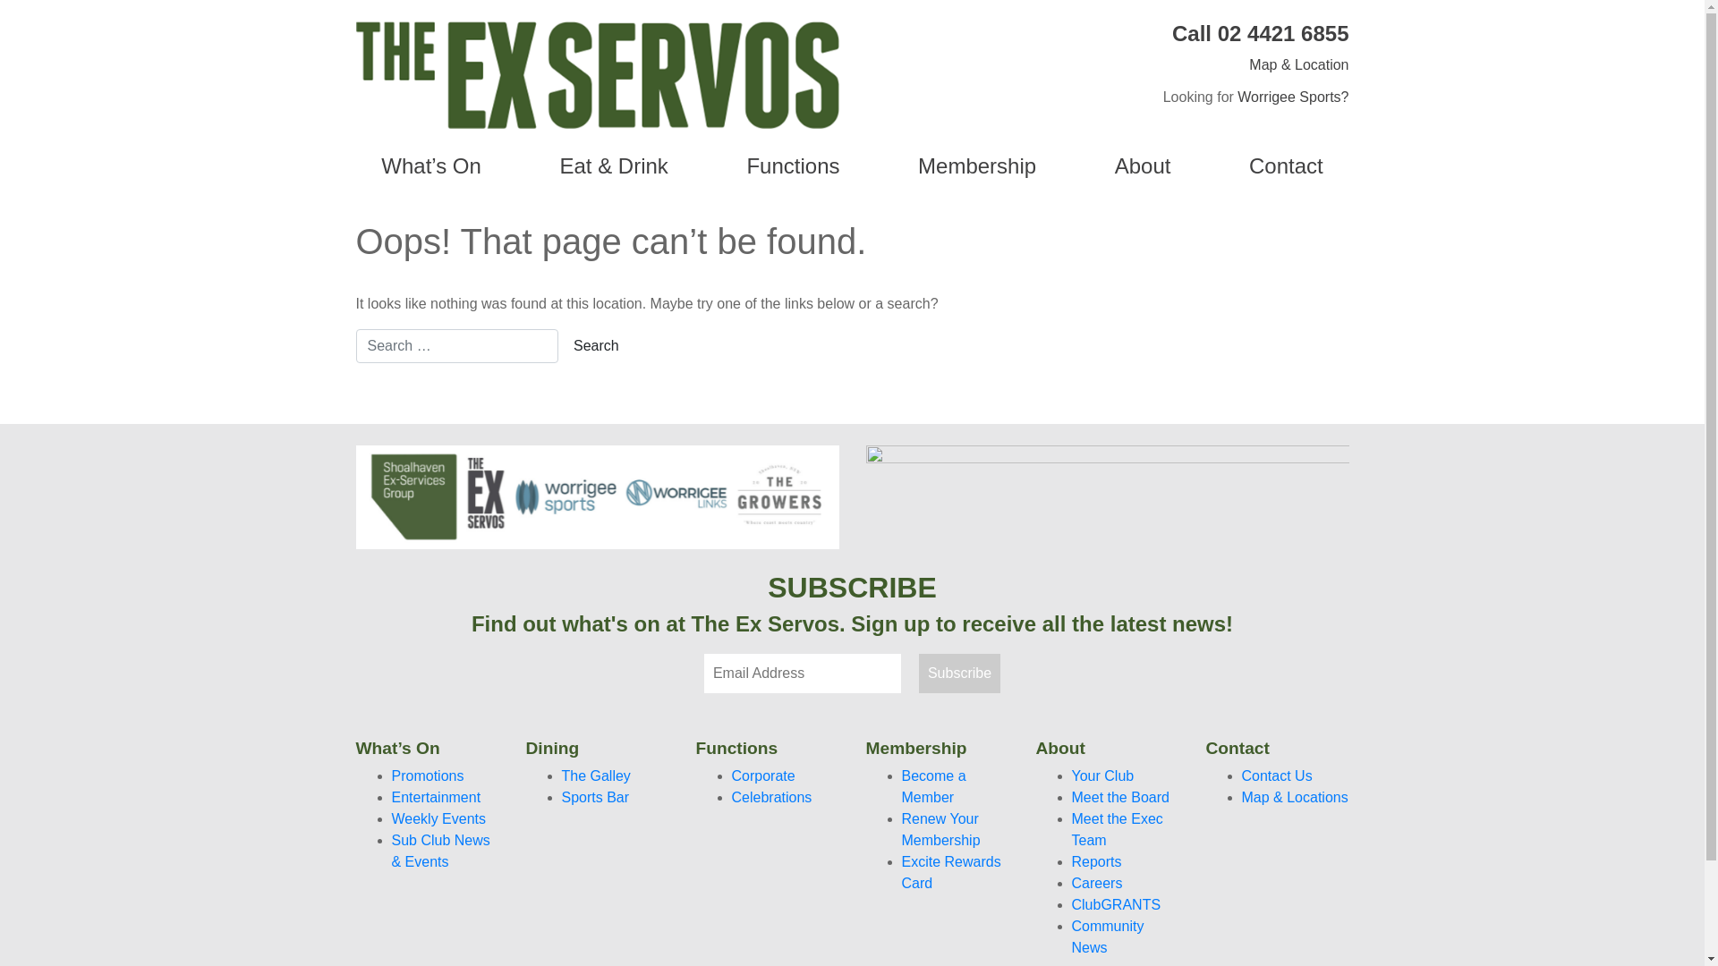  I want to click on 'Community News', so click(1107, 936).